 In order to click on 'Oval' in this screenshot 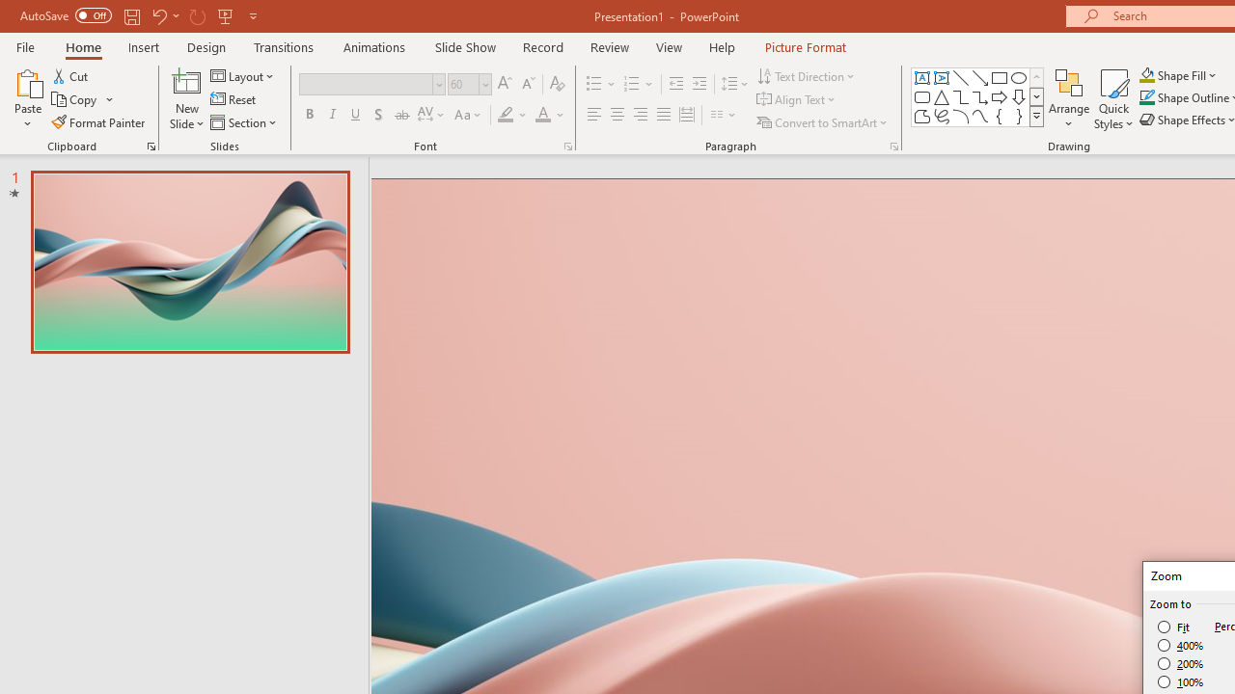, I will do `click(1018, 77)`.